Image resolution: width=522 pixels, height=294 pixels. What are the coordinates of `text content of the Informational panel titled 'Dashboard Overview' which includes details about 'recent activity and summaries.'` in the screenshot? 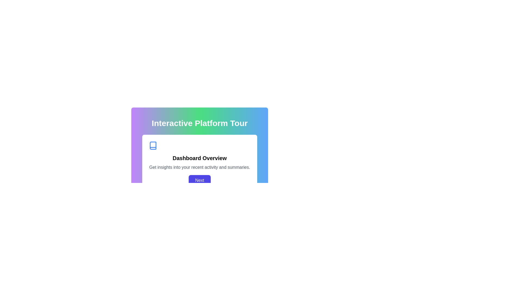 It's located at (199, 163).